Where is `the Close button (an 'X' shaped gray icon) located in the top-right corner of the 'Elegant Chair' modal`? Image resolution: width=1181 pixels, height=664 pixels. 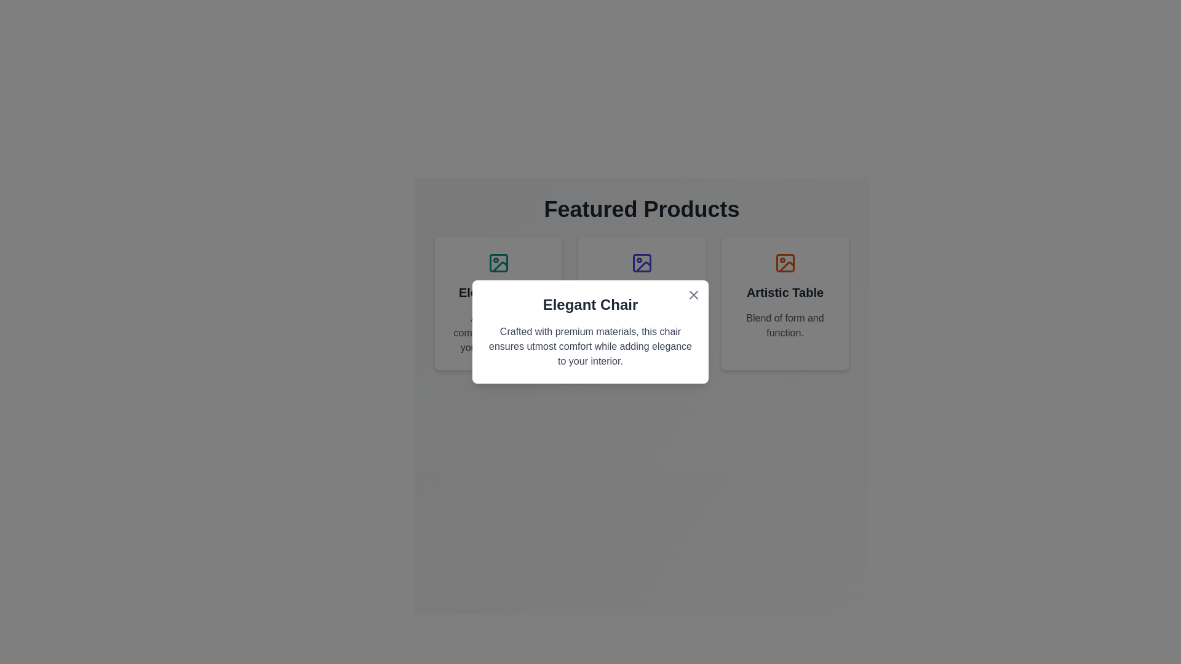
the Close button (an 'X' shaped gray icon) located in the top-right corner of the 'Elegant Chair' modal is located at coordinates (694, 294).